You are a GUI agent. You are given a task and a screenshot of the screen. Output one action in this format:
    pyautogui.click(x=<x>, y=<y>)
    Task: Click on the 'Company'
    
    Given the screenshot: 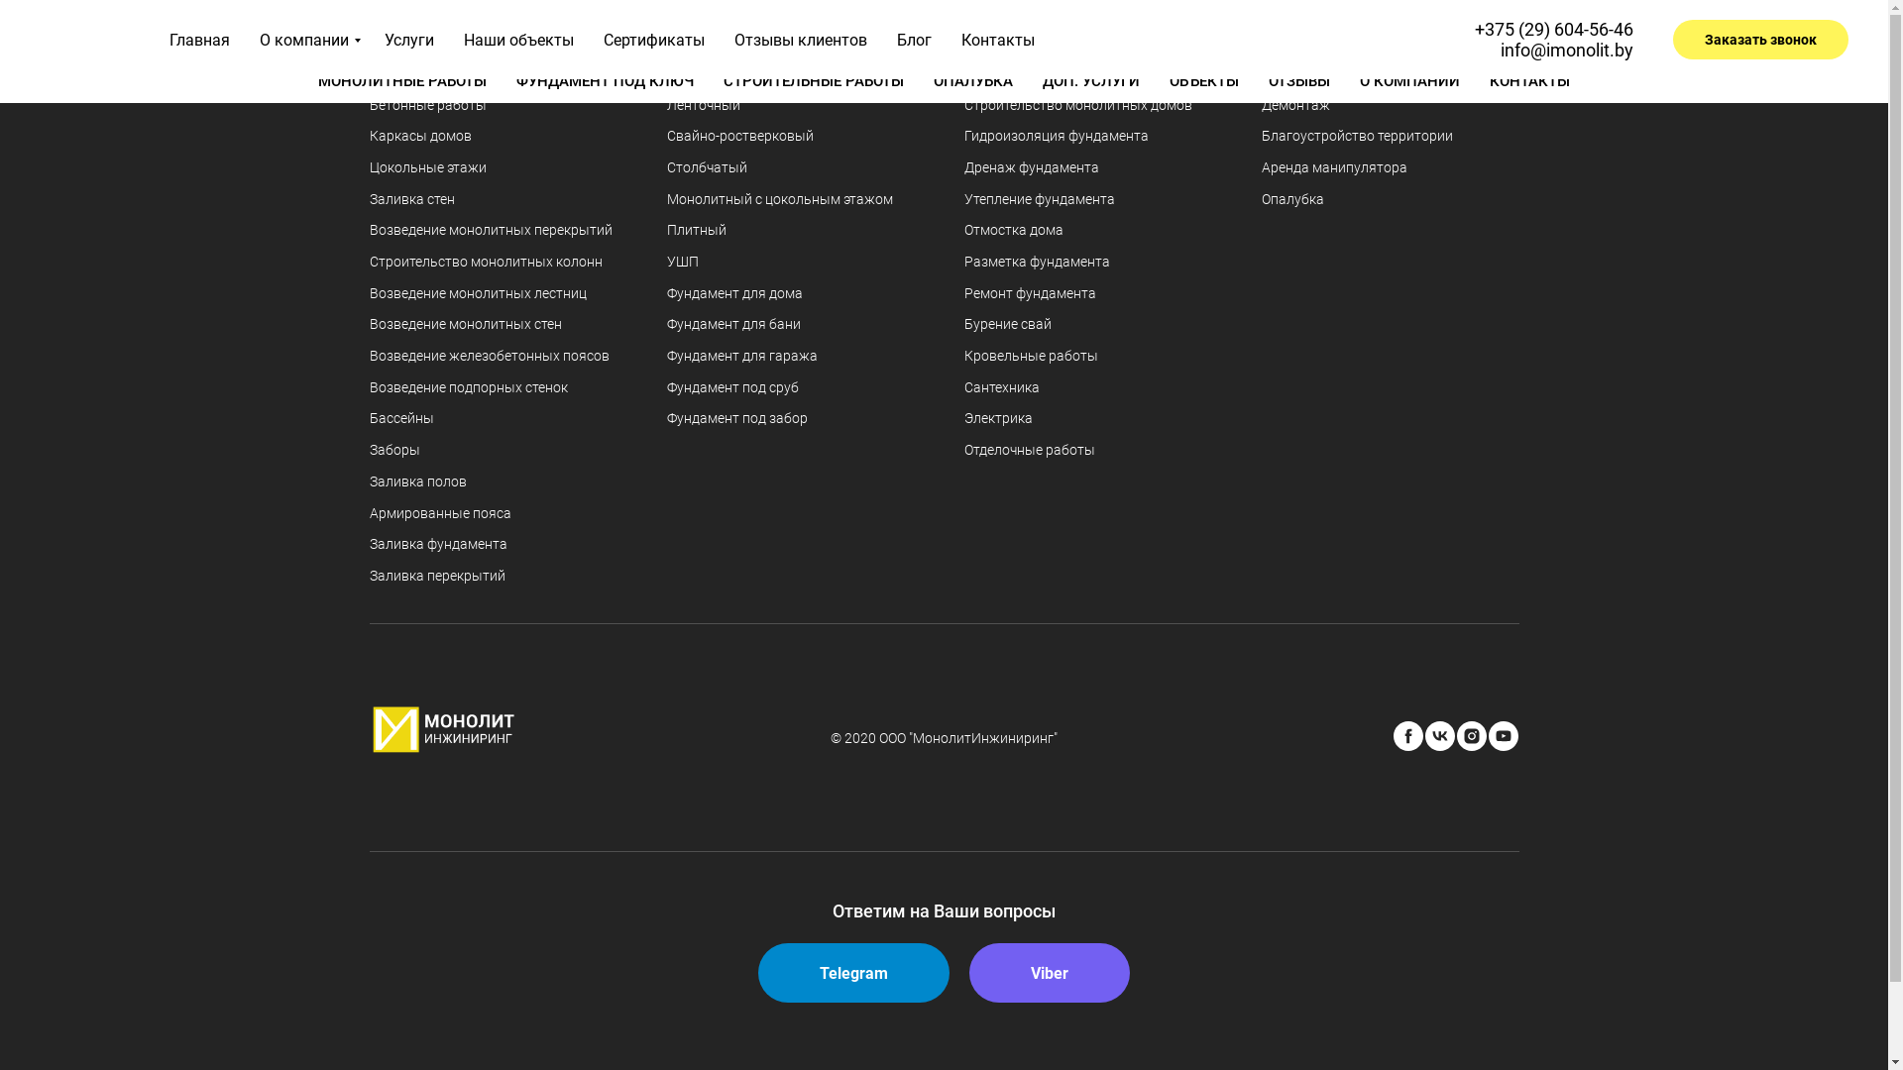 What is the action you would take?
    pyautogui.click(x=103, y=39)
    